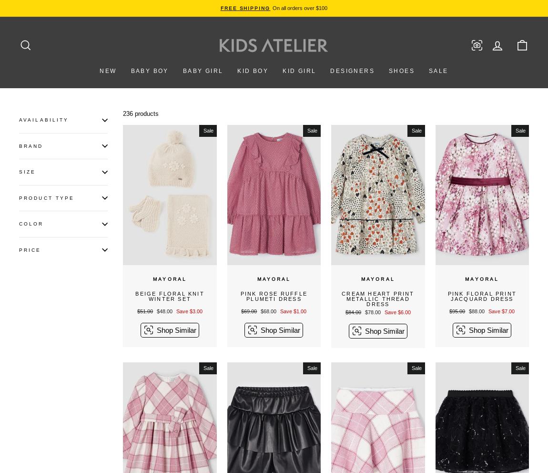 The height and width of the screenshot is (473, 548). I want to click on 'Save $1.00', so click(293, 311).